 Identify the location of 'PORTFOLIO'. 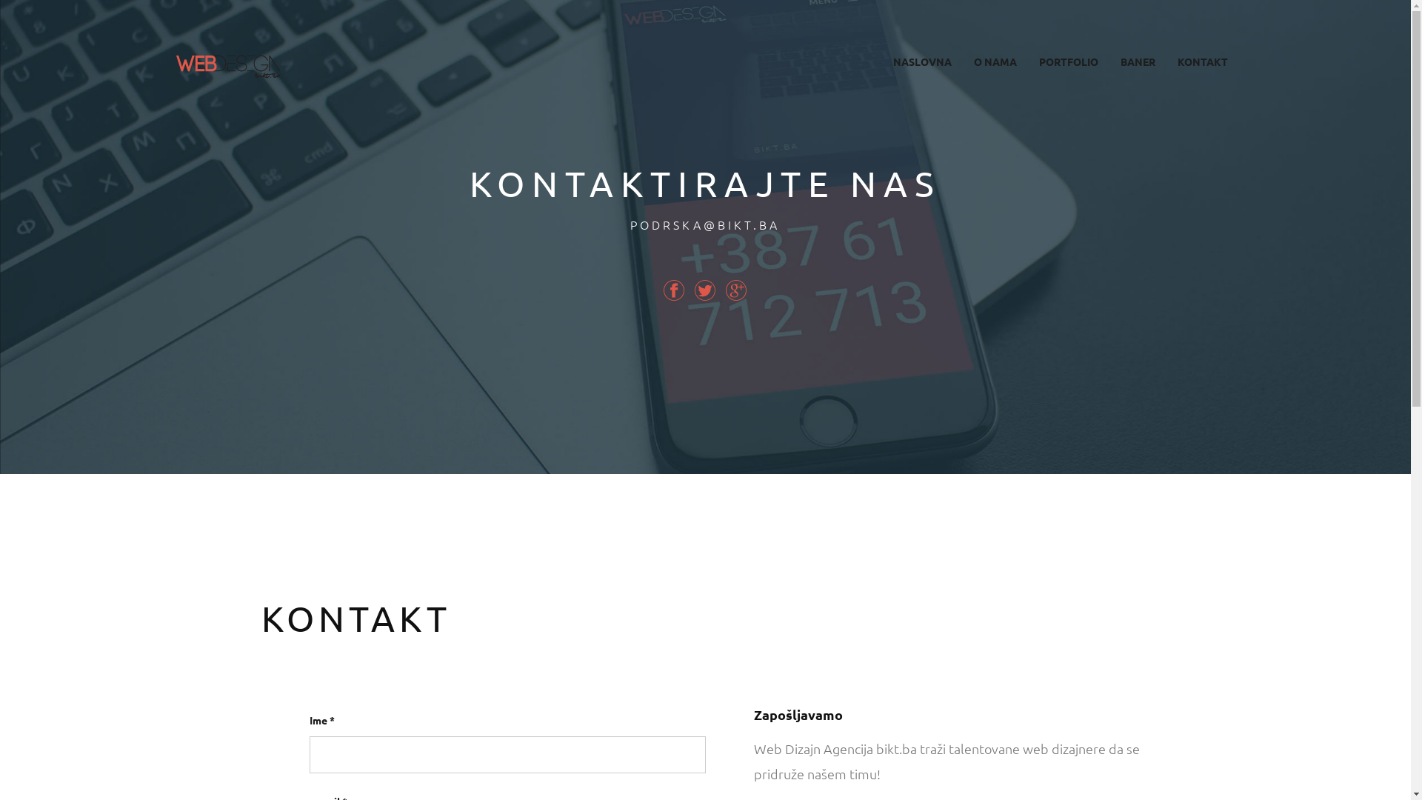
(1069, 61).